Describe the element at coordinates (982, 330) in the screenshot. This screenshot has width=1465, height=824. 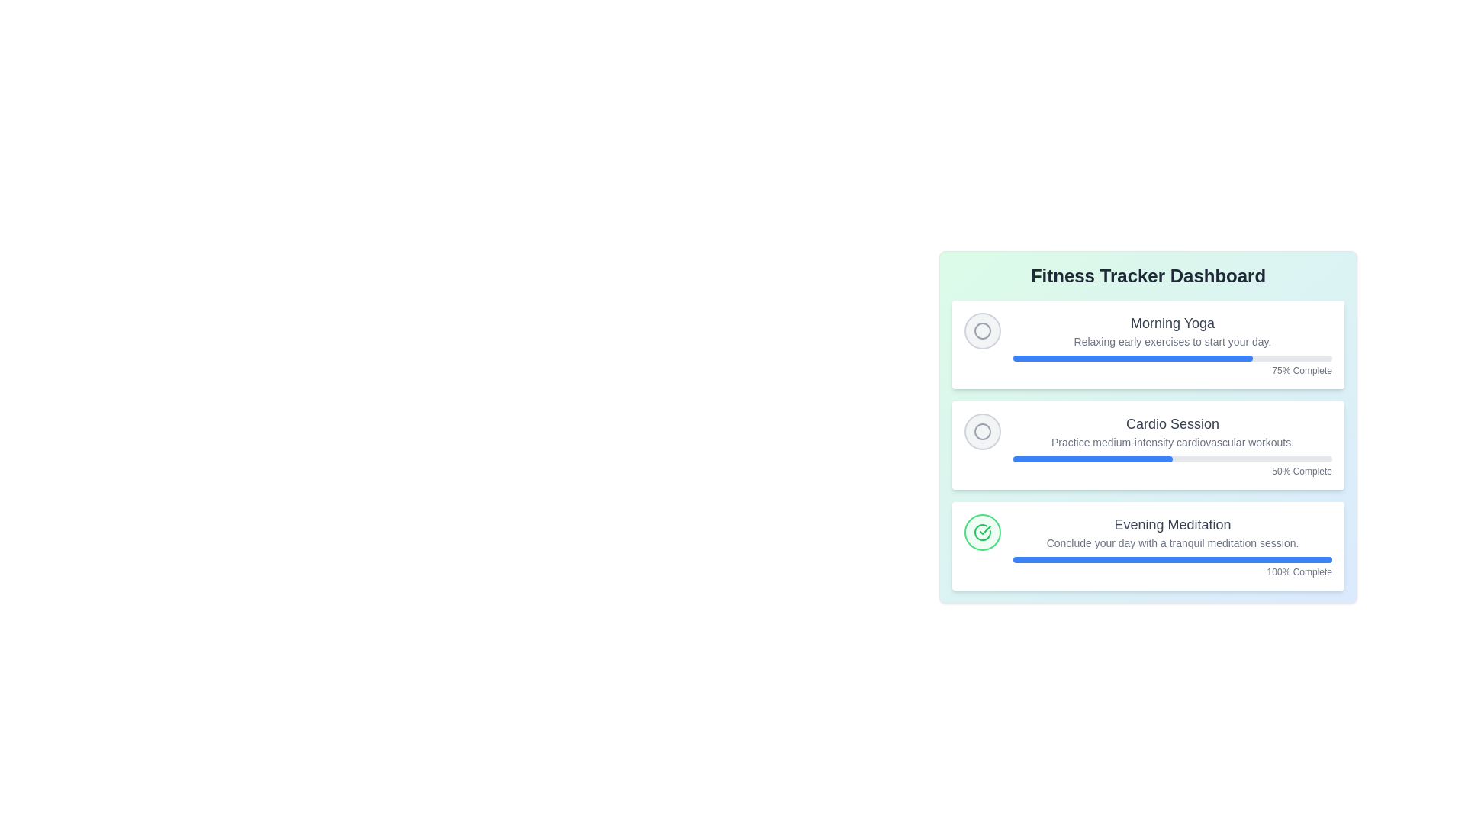
I see `the gray circular outline indicator for the 'Morning Yoga' activity in the fitness dashboard located at the top of the vertical list of activities` at that location.